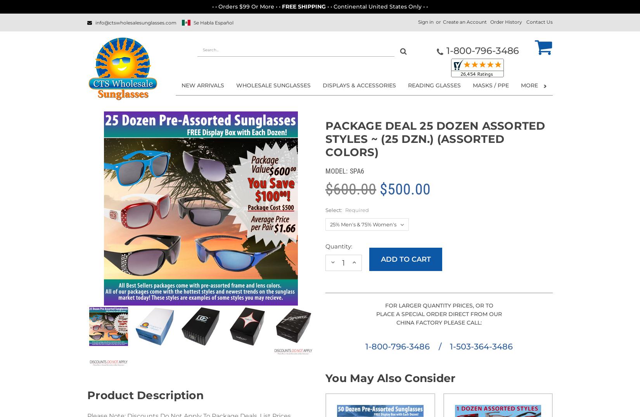 This screenshot has height=417, width=640. I want to click on 'Sign in', so click(426, 22).